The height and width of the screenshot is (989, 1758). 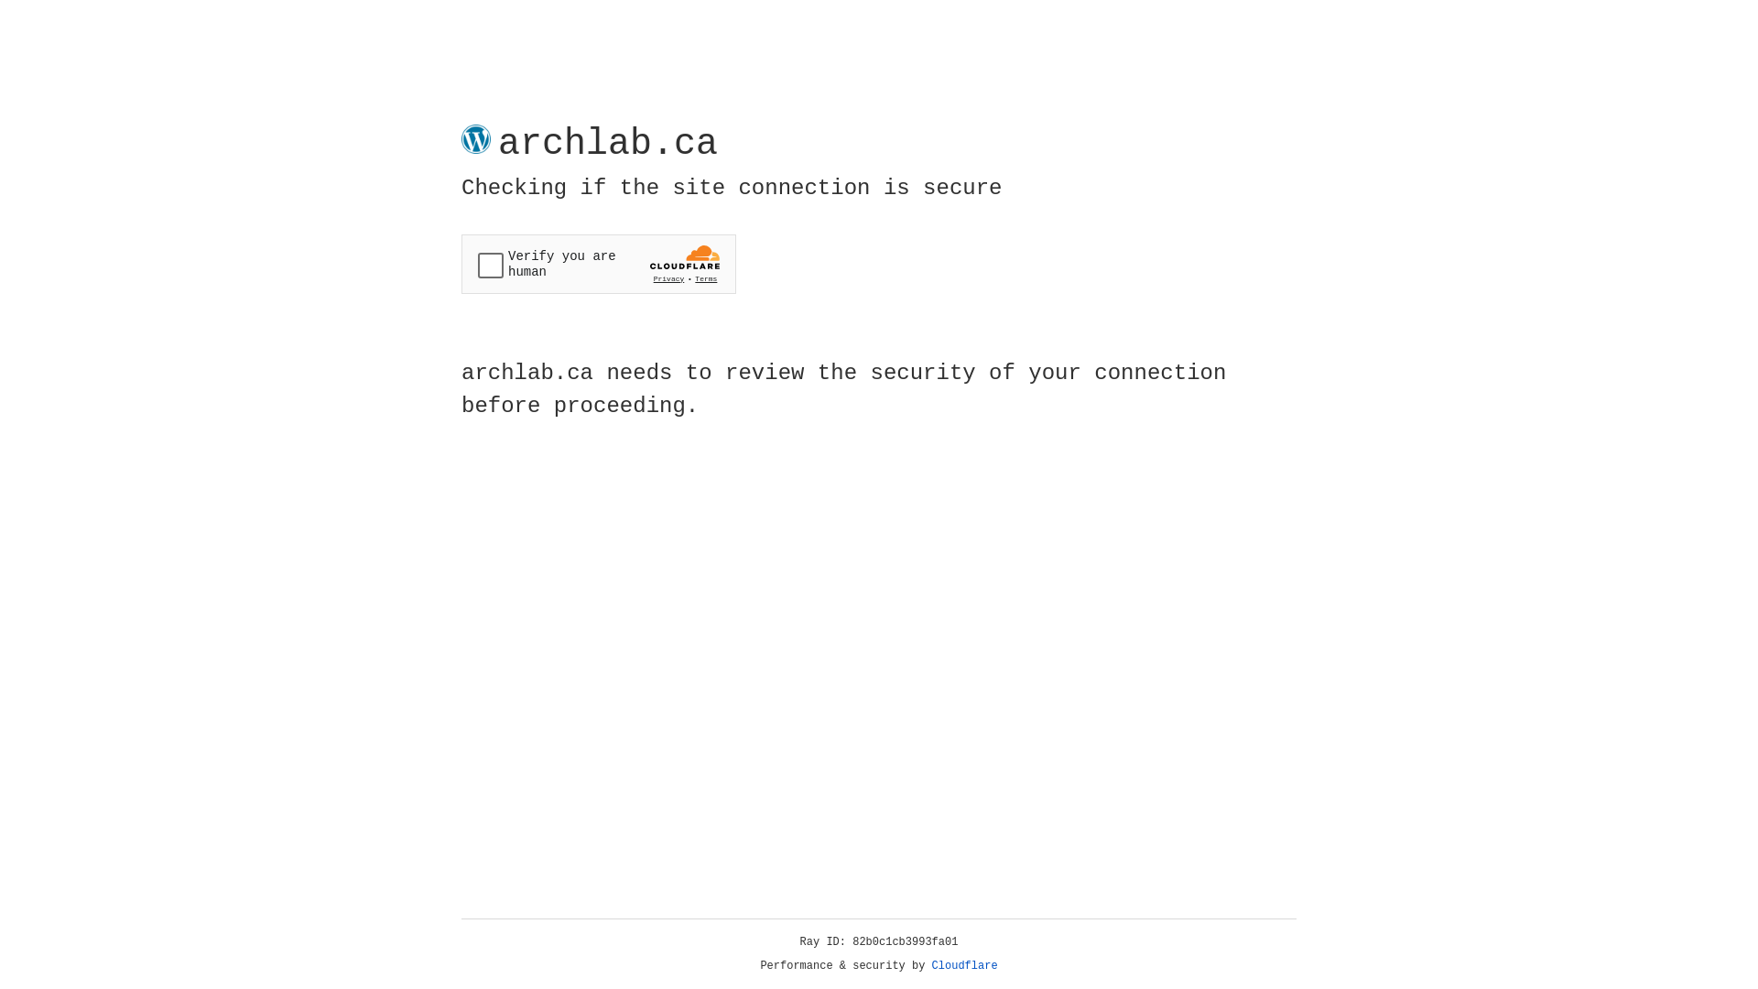 I want to click on 'Widget containing a Cloudflare security challenge', so click(x=598, y=264).